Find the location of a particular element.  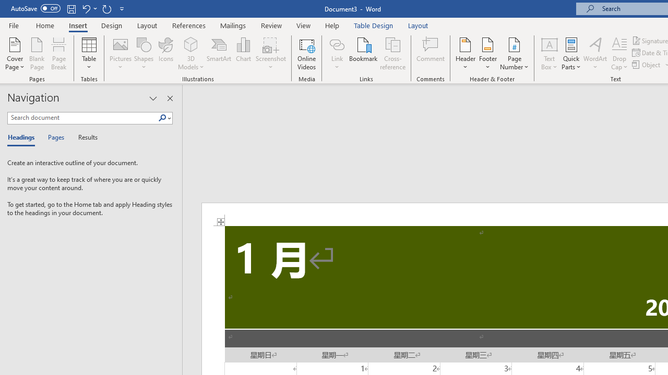

'Insert' is located at coordinates (77, 25).